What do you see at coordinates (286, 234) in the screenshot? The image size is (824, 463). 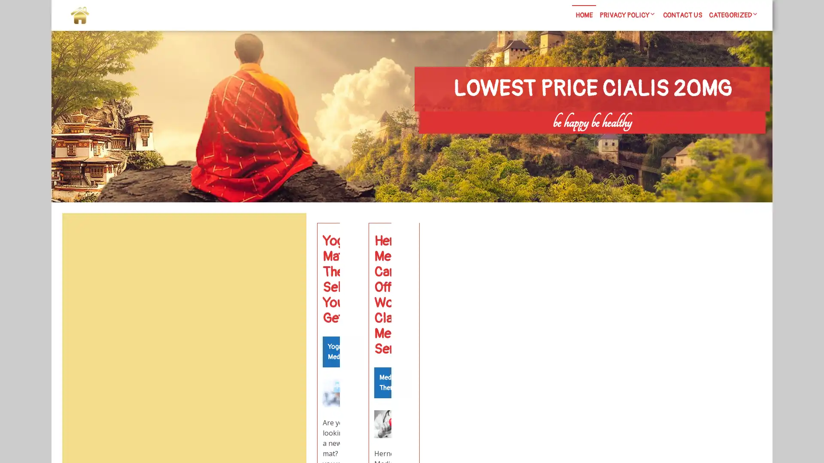 I see `Search` at bounding box center [286, 234].